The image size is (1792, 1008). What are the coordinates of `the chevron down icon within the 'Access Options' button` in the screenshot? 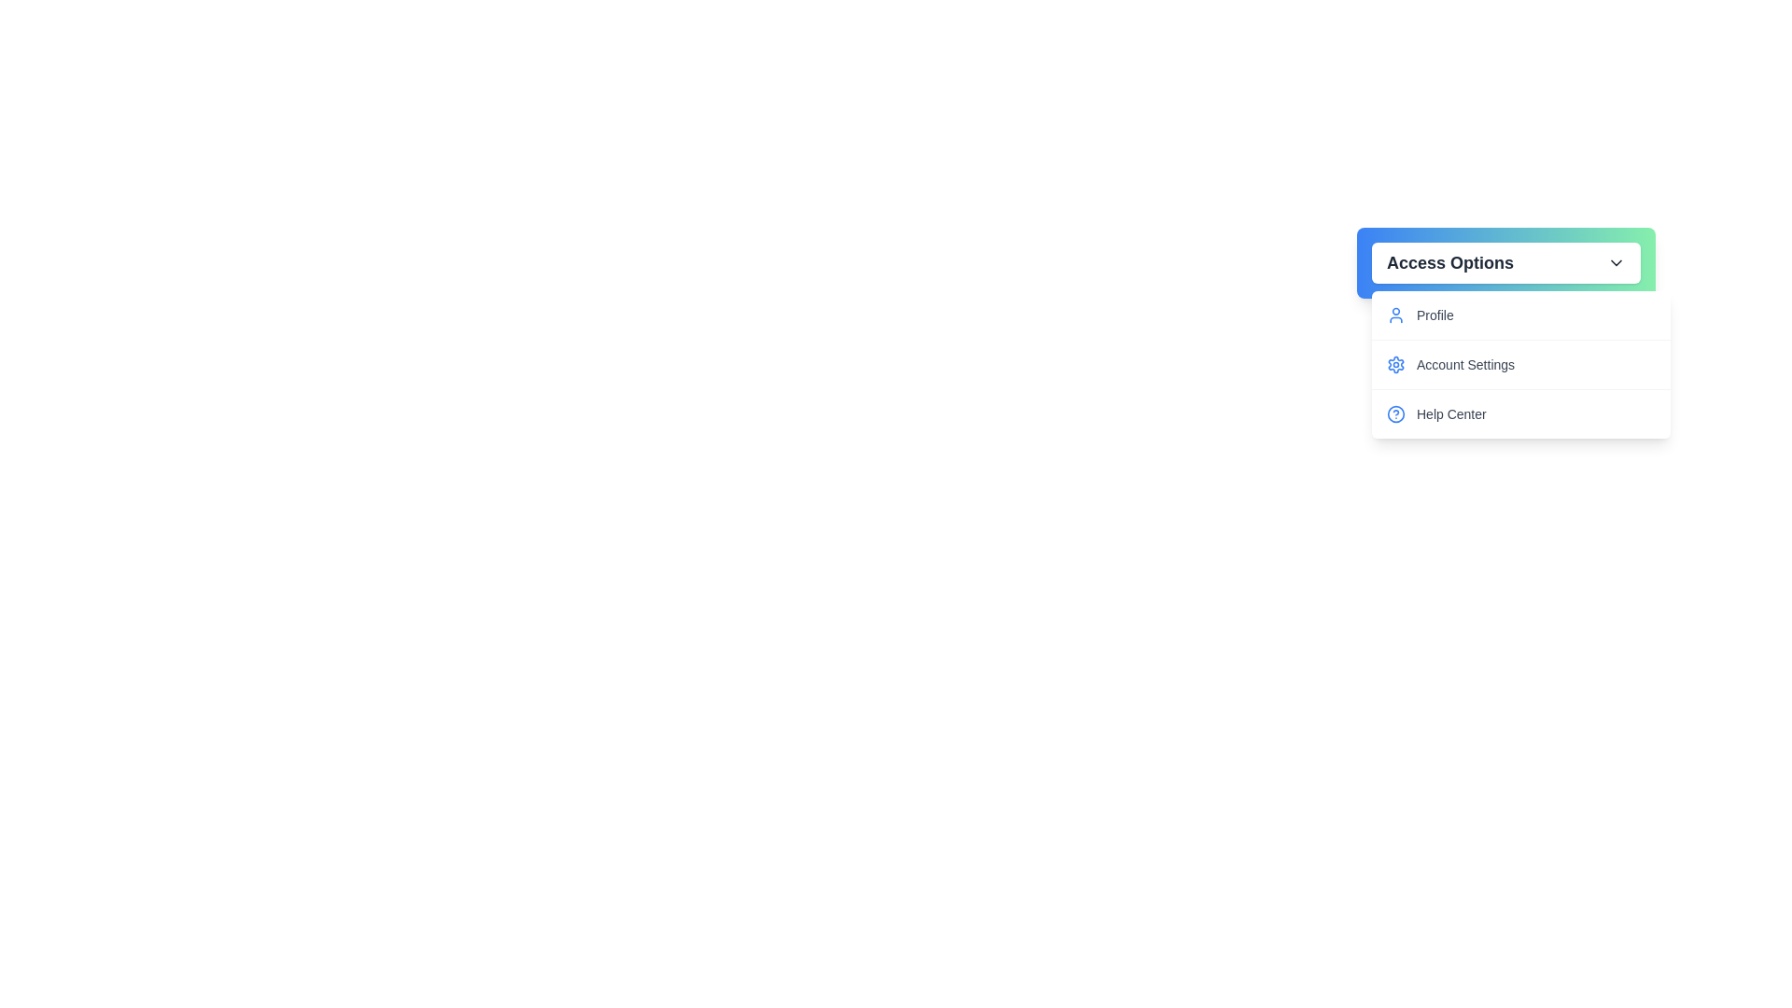 It's located at (1616, 262).